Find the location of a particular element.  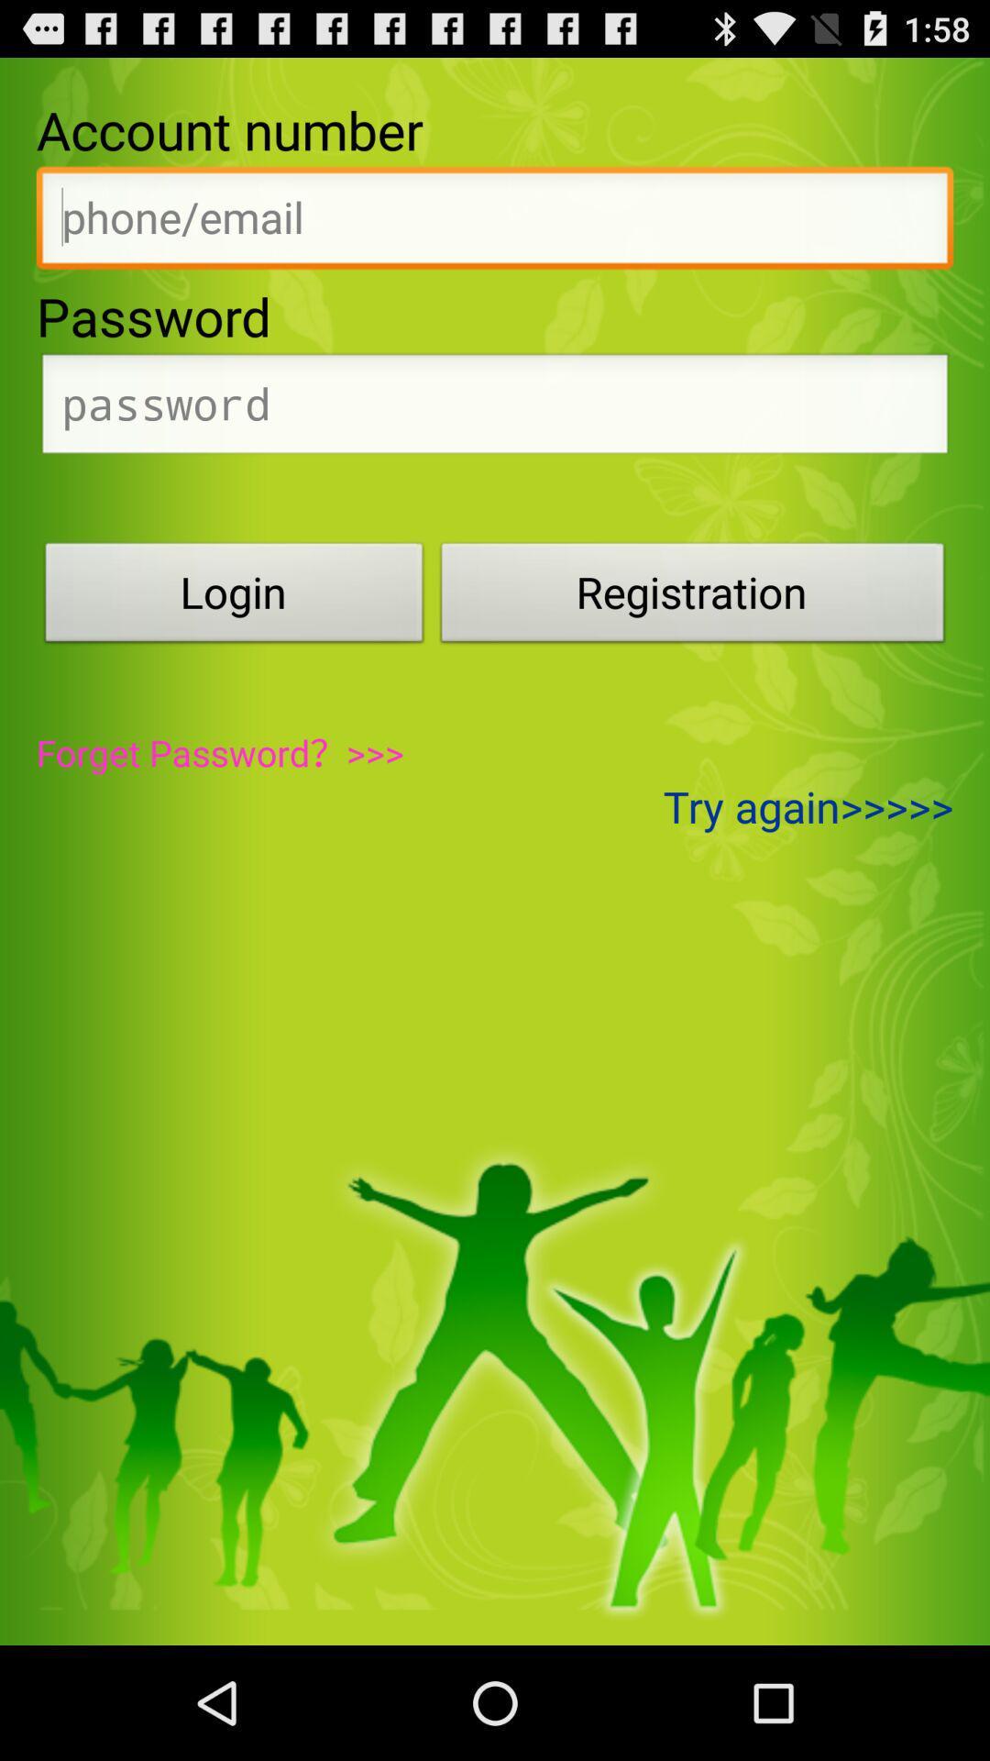

the registration item is located at coordinates (693, 597).